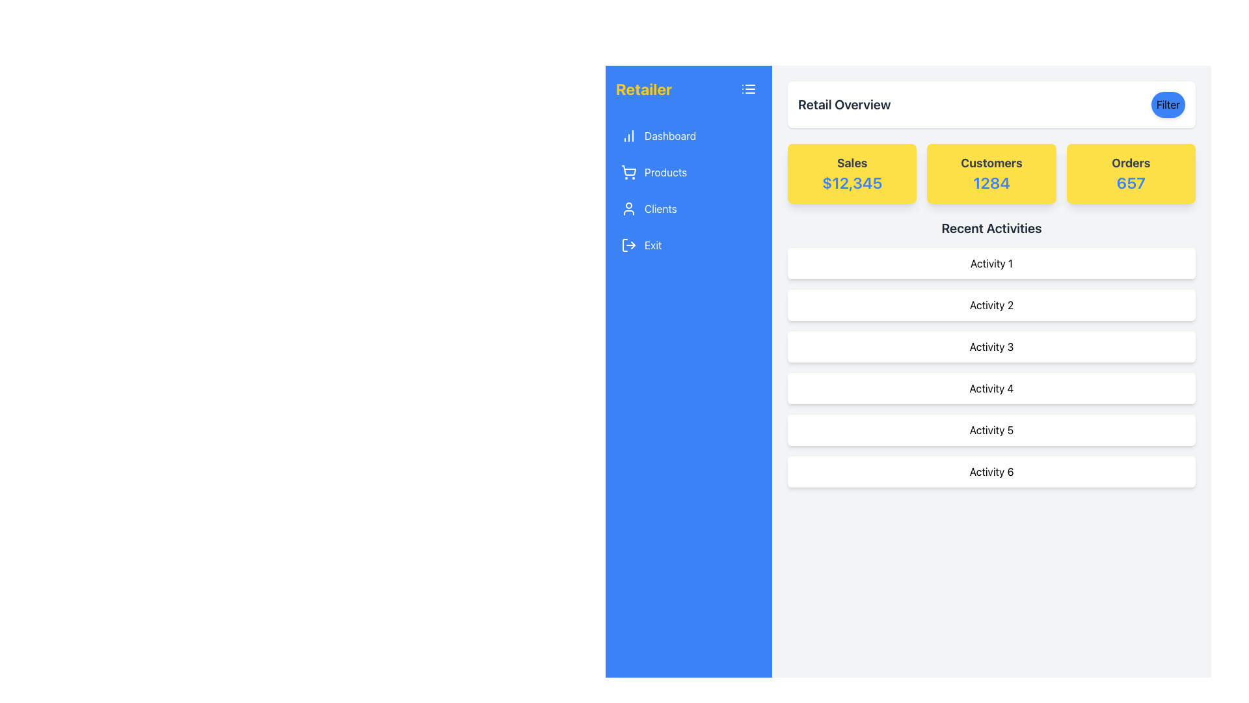 This screenshot has height=703, width=1249. I want to click on the shopping cart icon in the vertical menu bar, so click(628, 172).